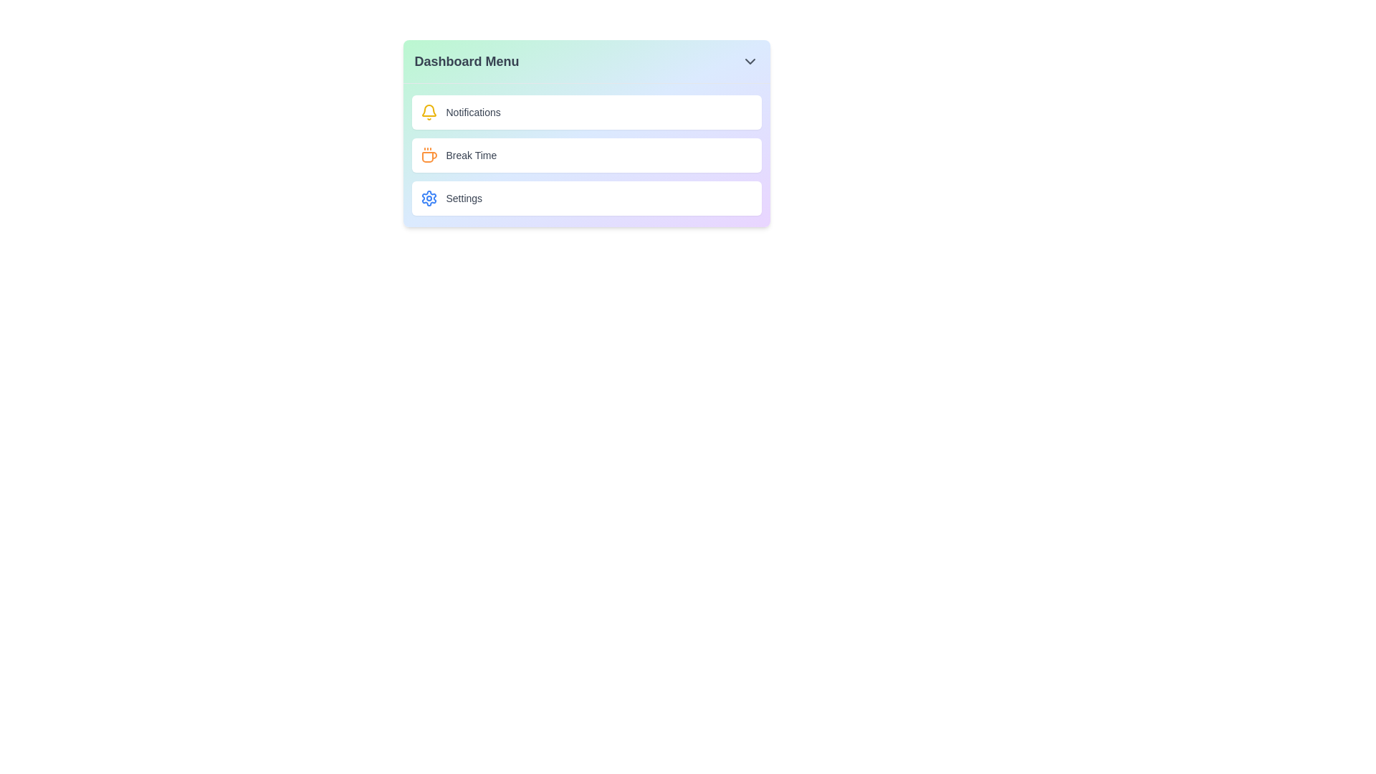  What do you see at coordinates (428, 110) in the screenshot?
I see `the 'Notifications' icon located in the upper right portion of the interface, which serves as the entry point for accessing notification-related content or settings` at bounding box center [428, 110].